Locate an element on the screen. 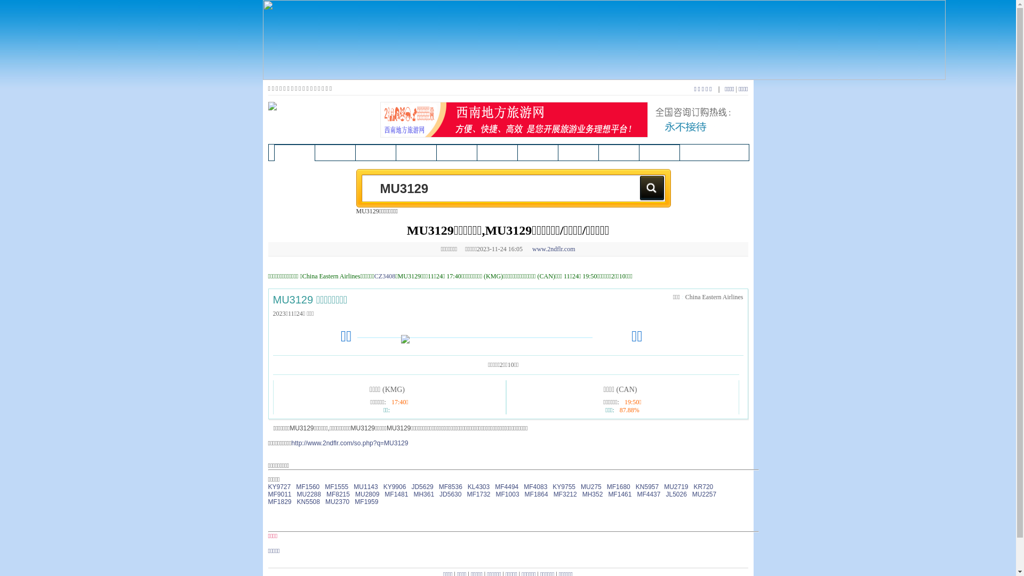  'MU2288' is located at coordinates (308, 494).